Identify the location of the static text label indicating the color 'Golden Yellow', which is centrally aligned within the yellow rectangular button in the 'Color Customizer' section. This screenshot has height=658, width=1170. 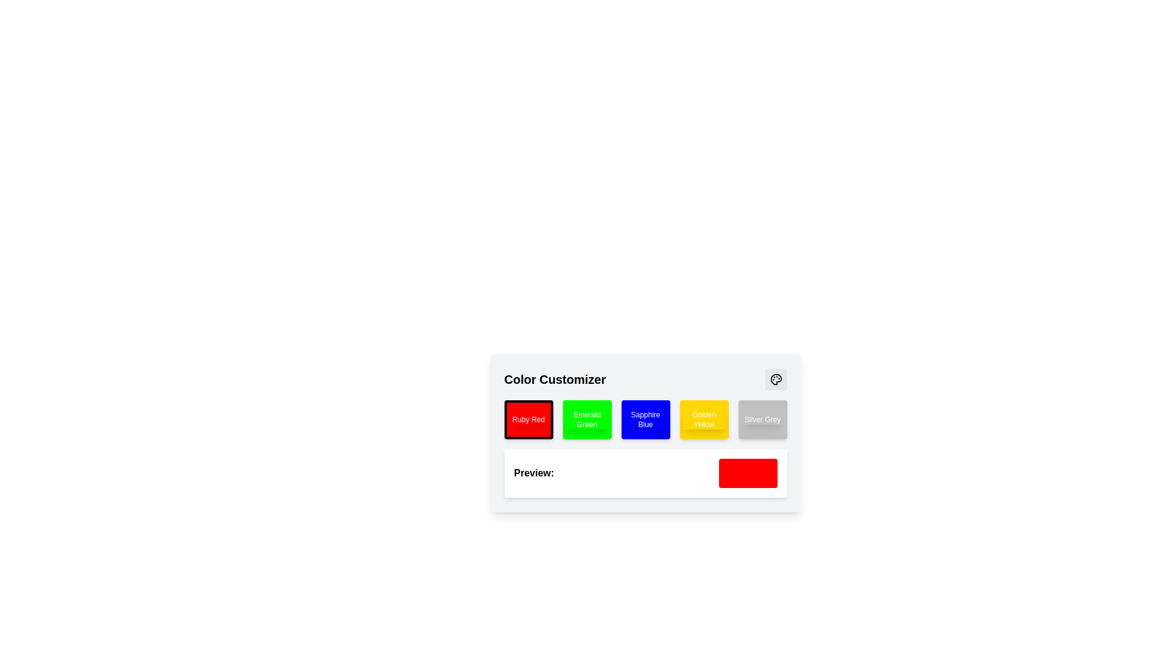
(704, 419).